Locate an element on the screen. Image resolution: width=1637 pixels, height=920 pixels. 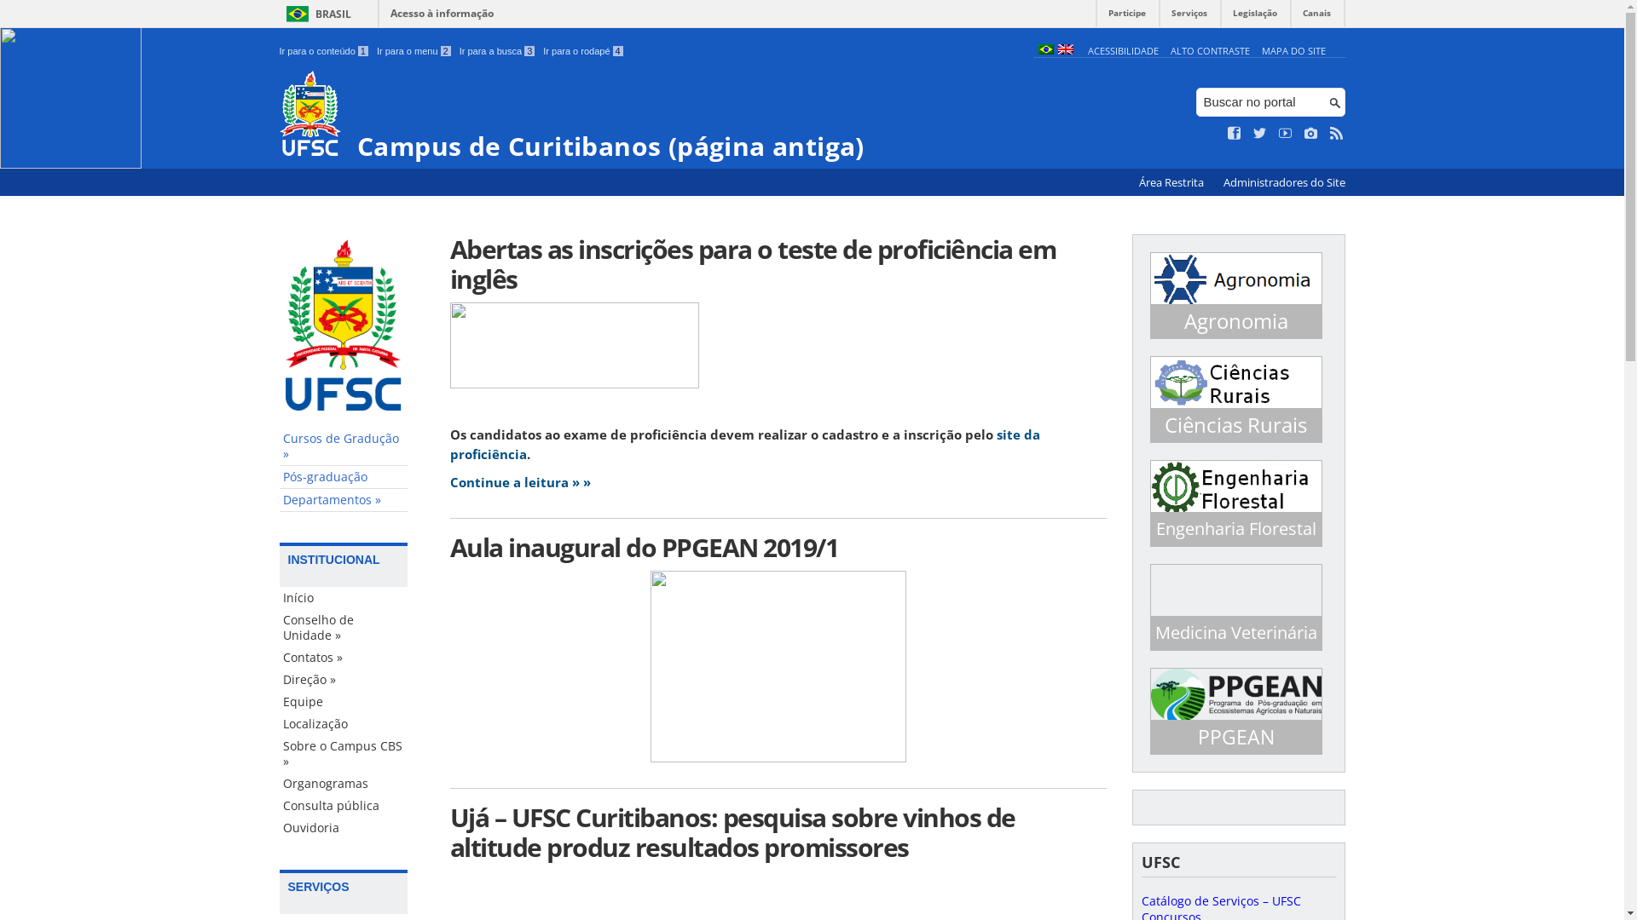
'Equipe' is located at coordinates (343, 702).